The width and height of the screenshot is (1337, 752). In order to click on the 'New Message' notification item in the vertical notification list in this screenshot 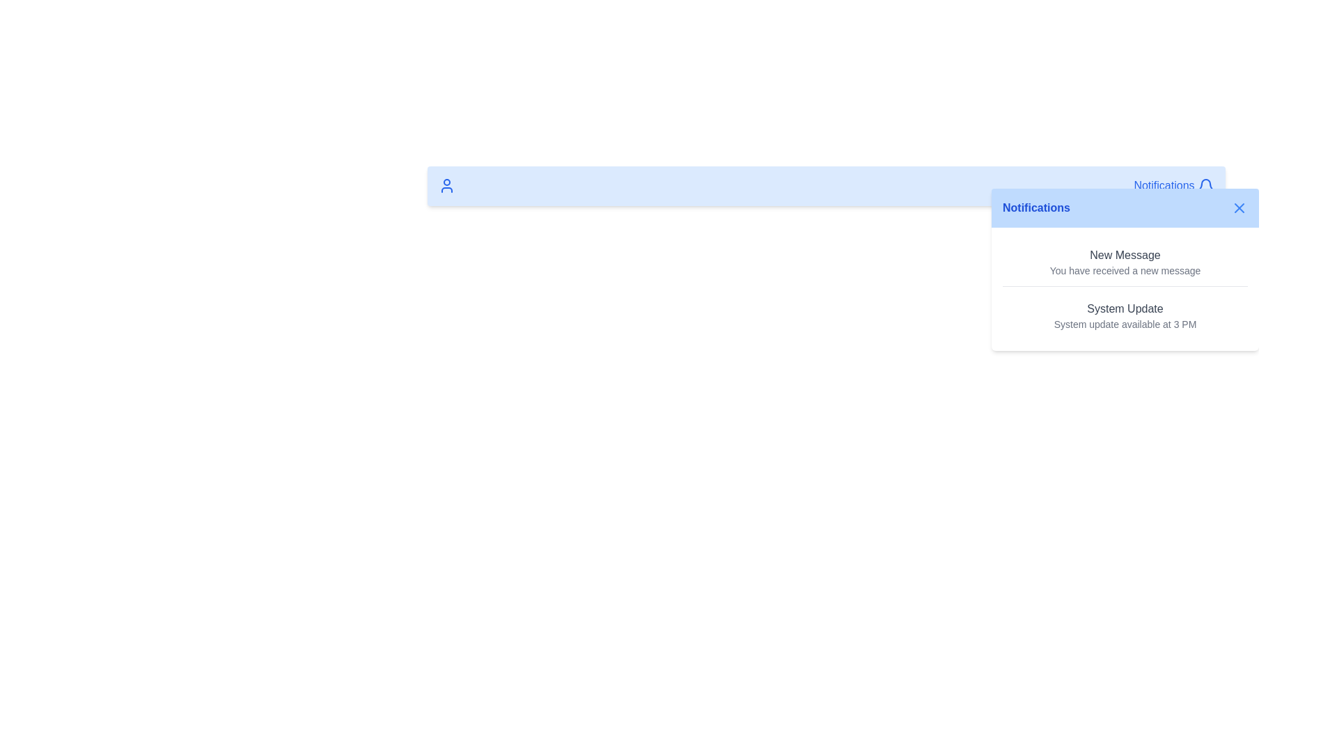, I will do `click(1125, 263)`.